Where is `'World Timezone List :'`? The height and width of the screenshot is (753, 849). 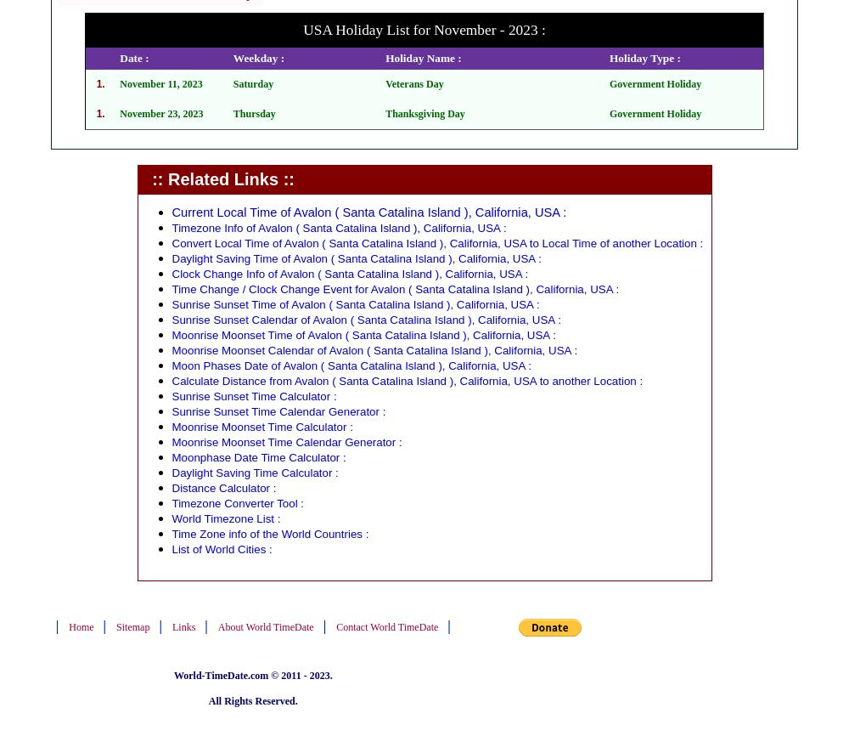
'World Timezone List :' is located at coordinates (226, 518).